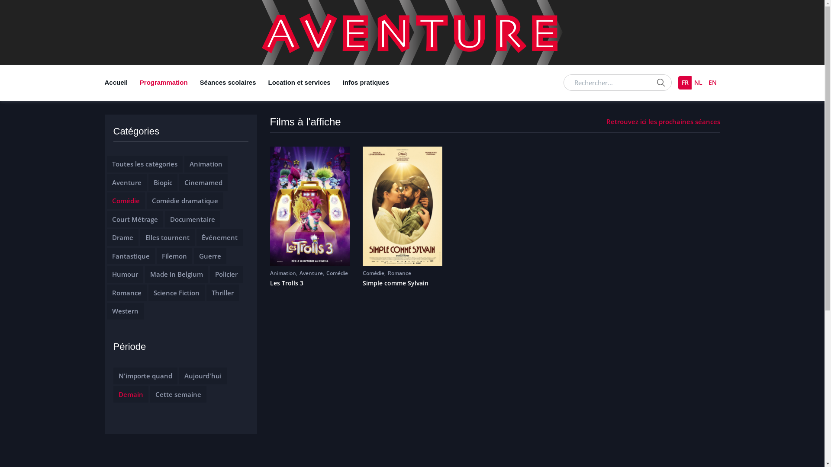 Image resolution: width=831 pixels, height=467 pixels. What do you see at coordinates (145, 375) in the screenshot?
I see `'N'importe quand'` at bounding box center [145, 375].